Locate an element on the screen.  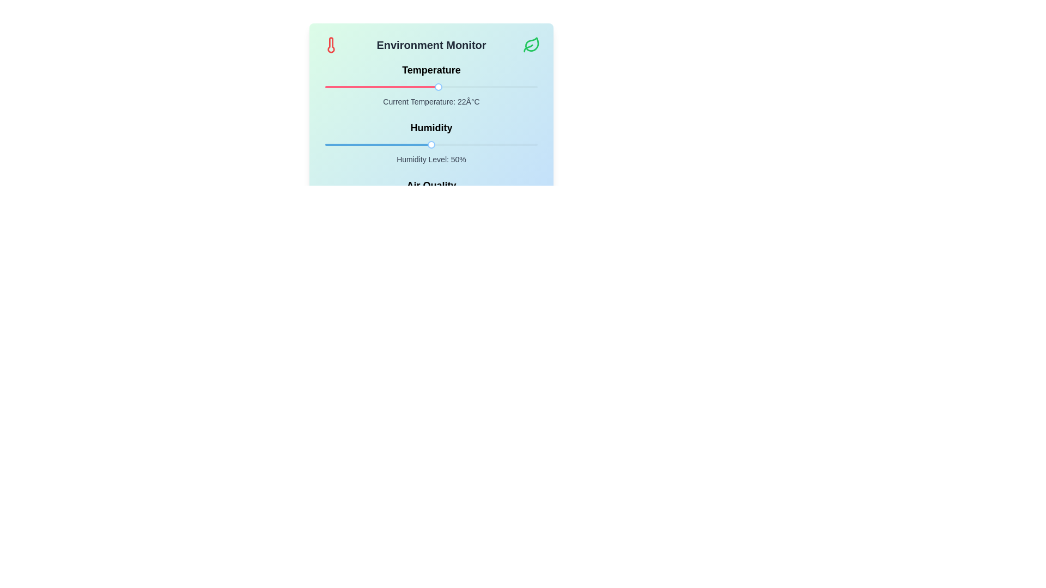
slider value is located at coordinates (410, 144).